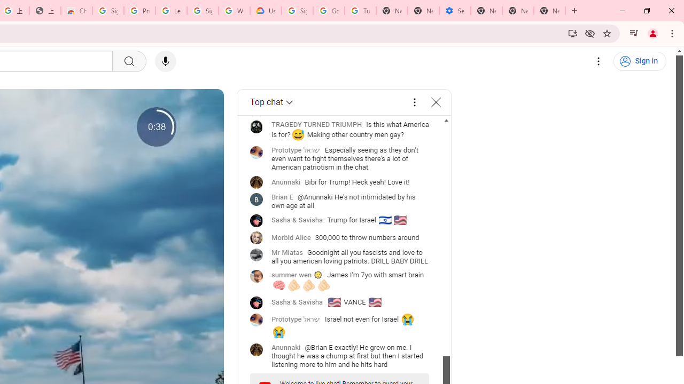 The height and width of the screenshot is (384, 684). Describe the element at coordinates (549, 11) in the screenshot. I see `'New Tab'` at that location.